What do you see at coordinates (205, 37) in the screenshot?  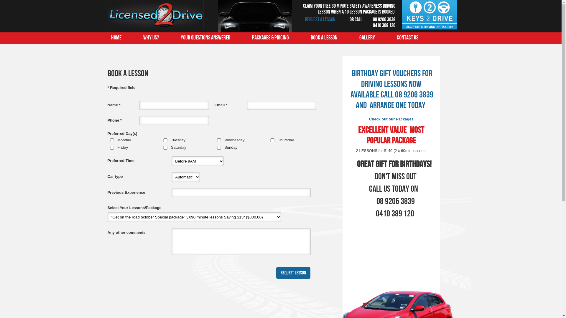 I see `'Your questions answered'` at bounding box center [205, 37].